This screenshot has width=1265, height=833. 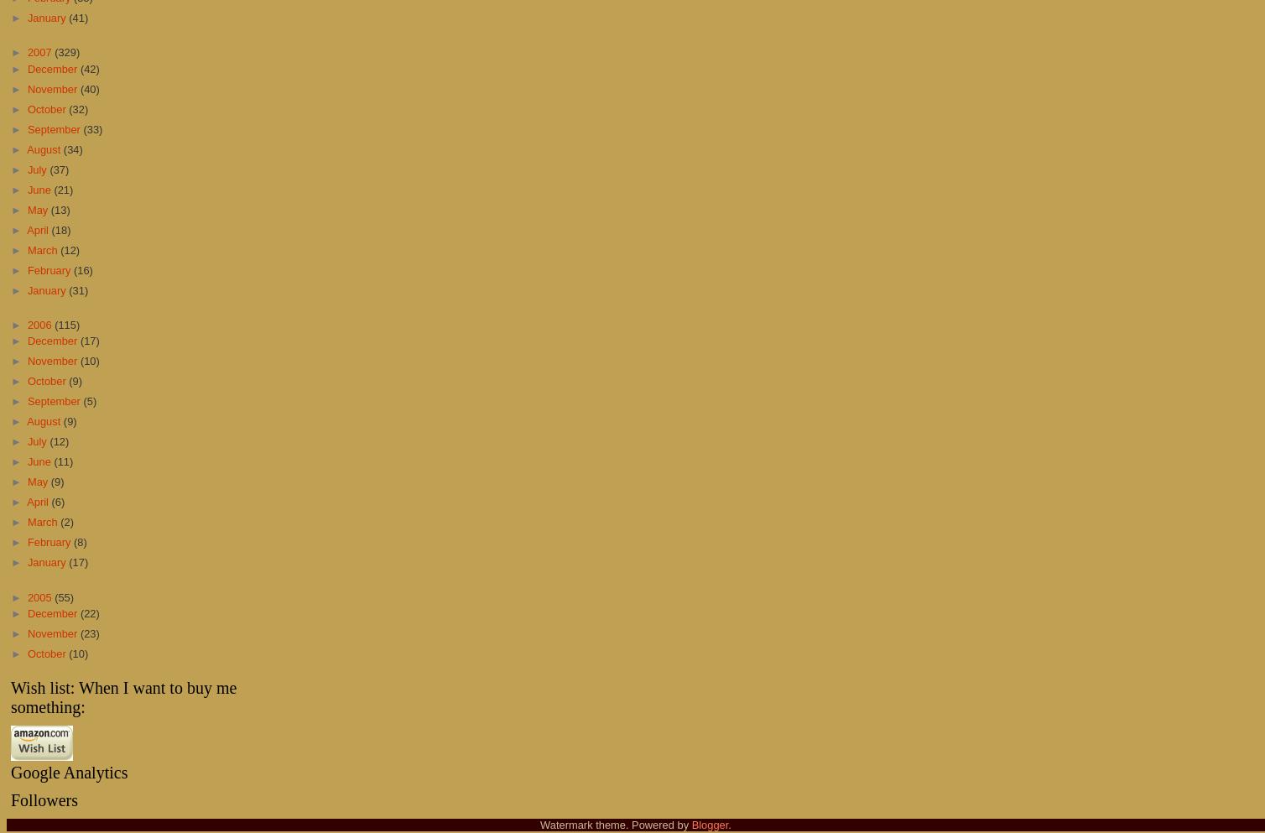 I want to click on '(34)', so click(x=72, y=148).